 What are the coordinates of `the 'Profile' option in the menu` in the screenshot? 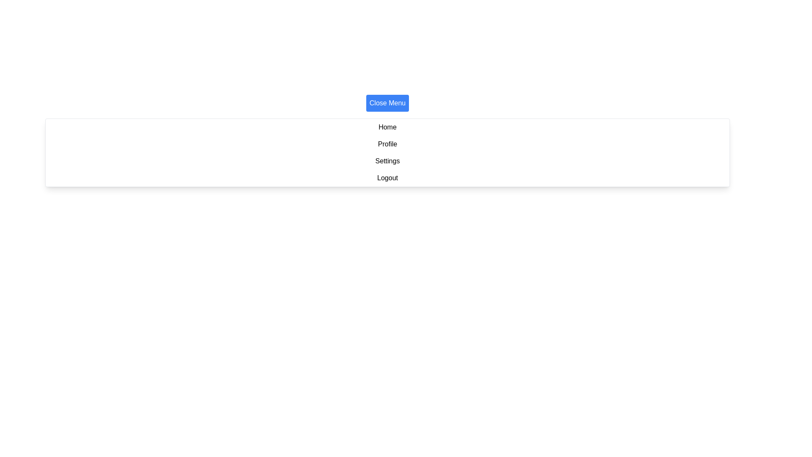 It's located at (387, 143).